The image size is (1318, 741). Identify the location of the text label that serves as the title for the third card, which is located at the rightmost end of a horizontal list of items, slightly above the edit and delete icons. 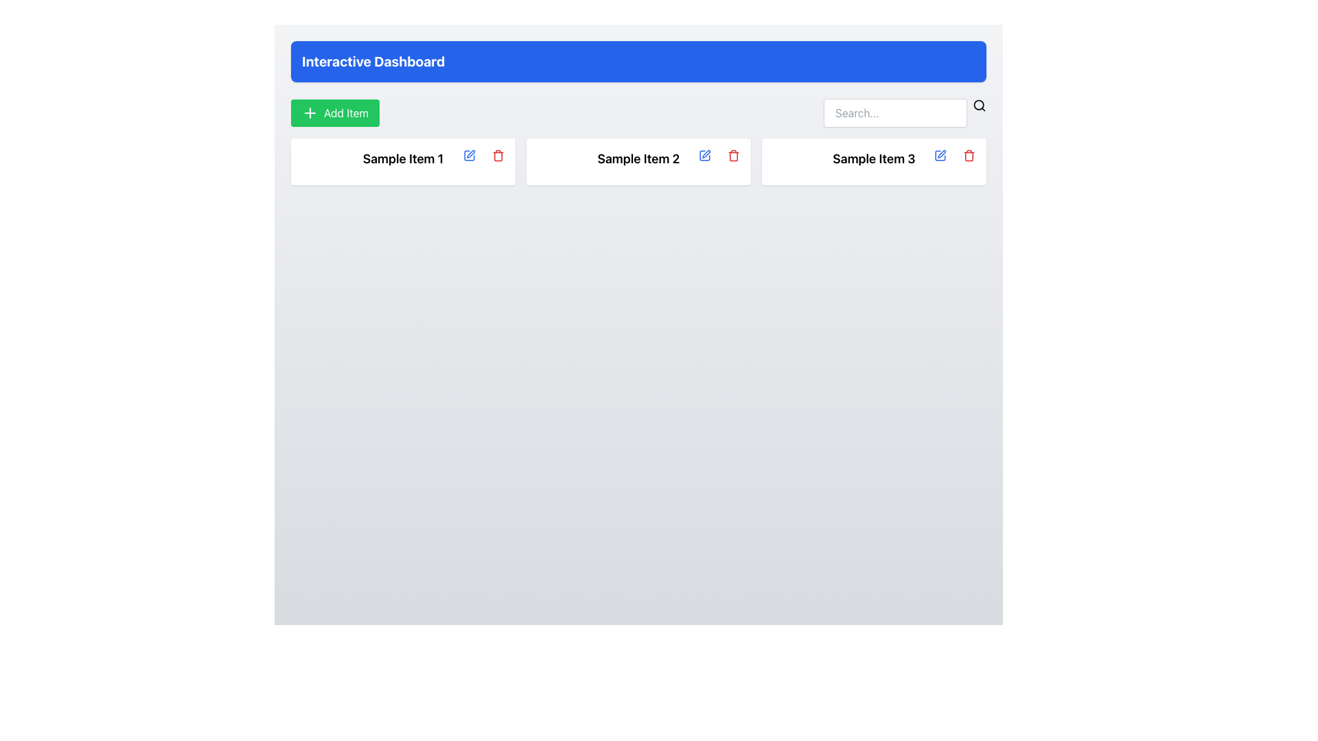
(873, 158).